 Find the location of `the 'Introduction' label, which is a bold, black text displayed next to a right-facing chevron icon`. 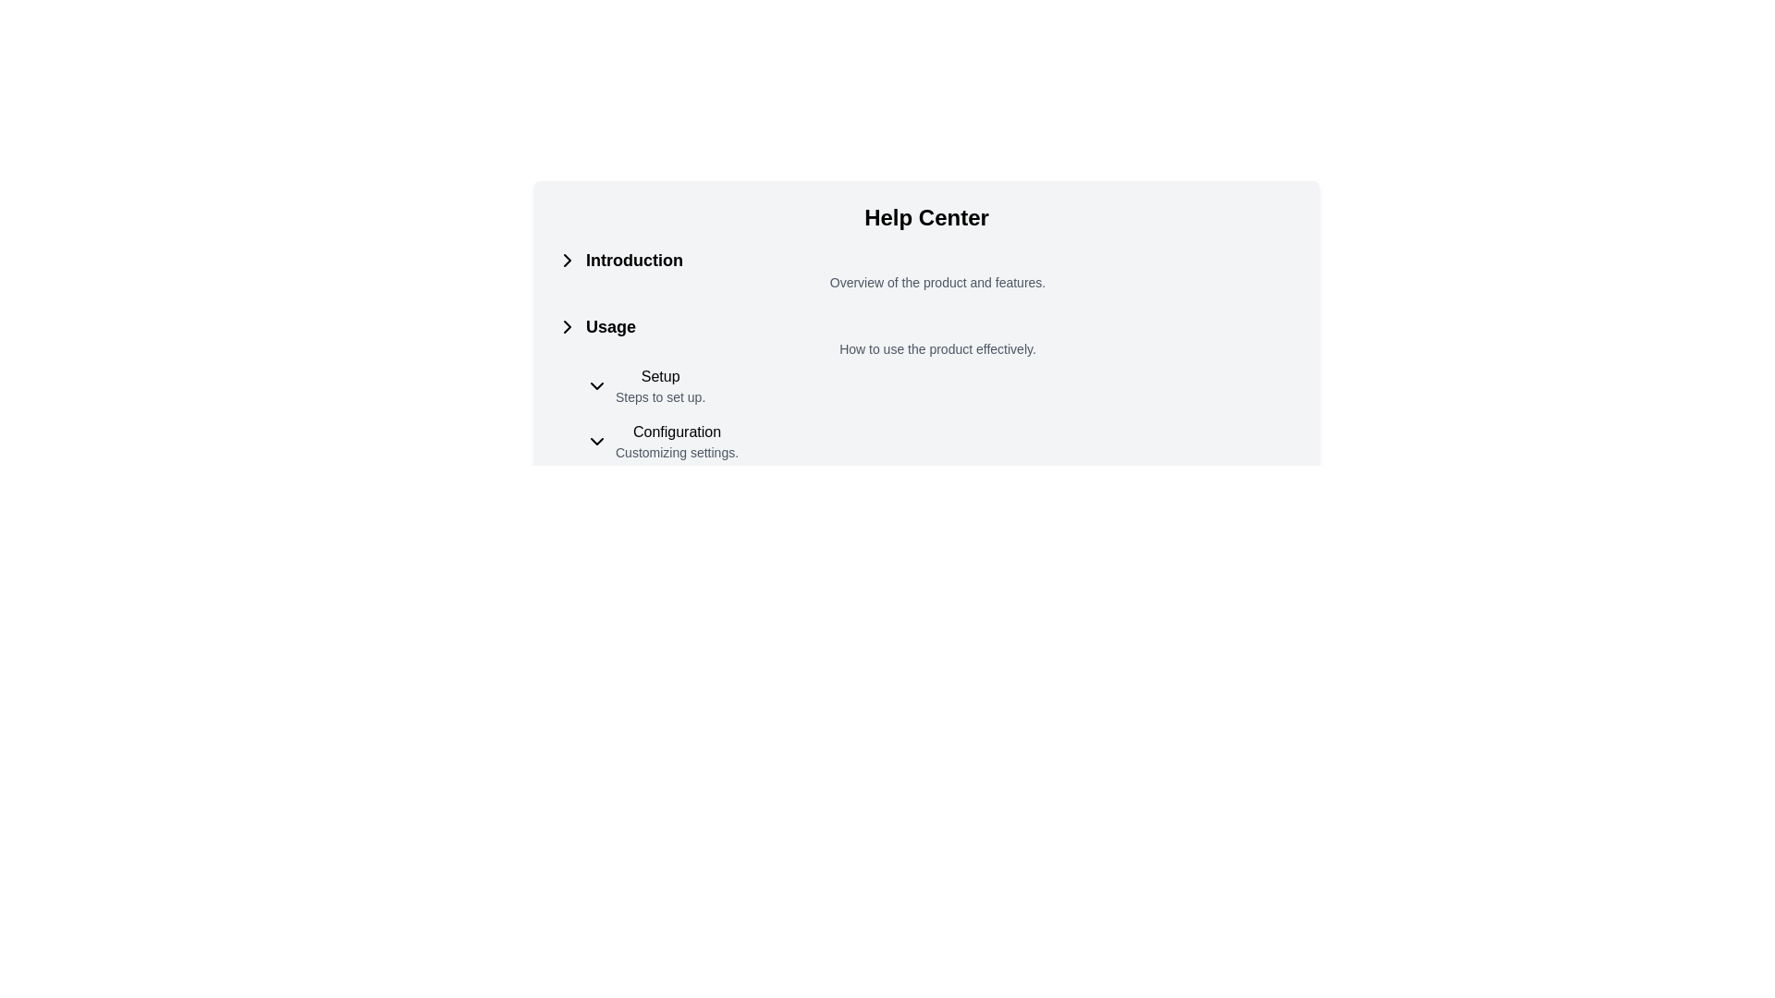

the 'Introduction' label, which is a bold, black text displayed next to a right-facing chevron icon is located at coordinates (634, 260).